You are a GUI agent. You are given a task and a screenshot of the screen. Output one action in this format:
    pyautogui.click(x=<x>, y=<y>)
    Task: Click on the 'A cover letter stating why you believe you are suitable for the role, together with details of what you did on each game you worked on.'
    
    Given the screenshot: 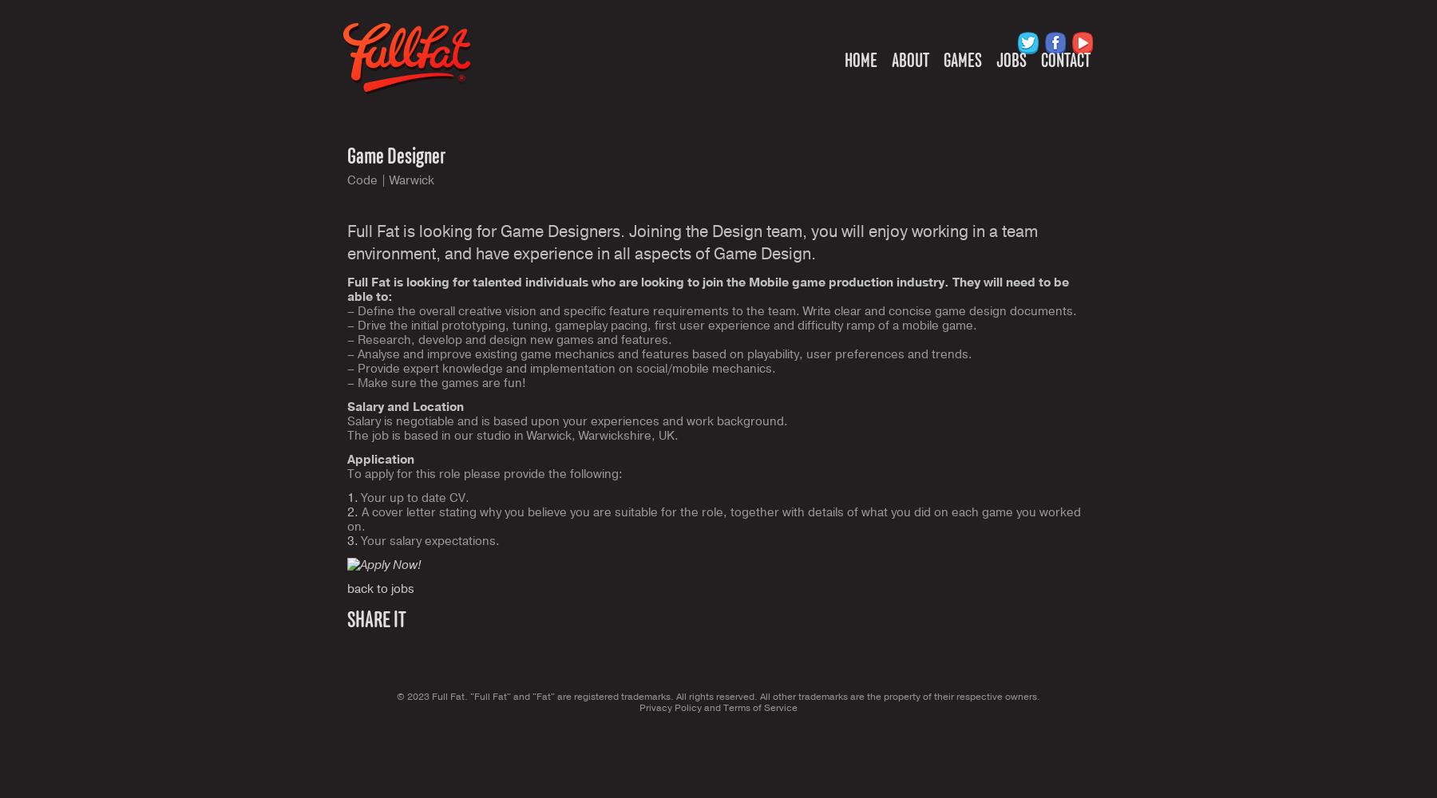 What is the action you would take?
    pyautogui.click(x=714, y=519)
    